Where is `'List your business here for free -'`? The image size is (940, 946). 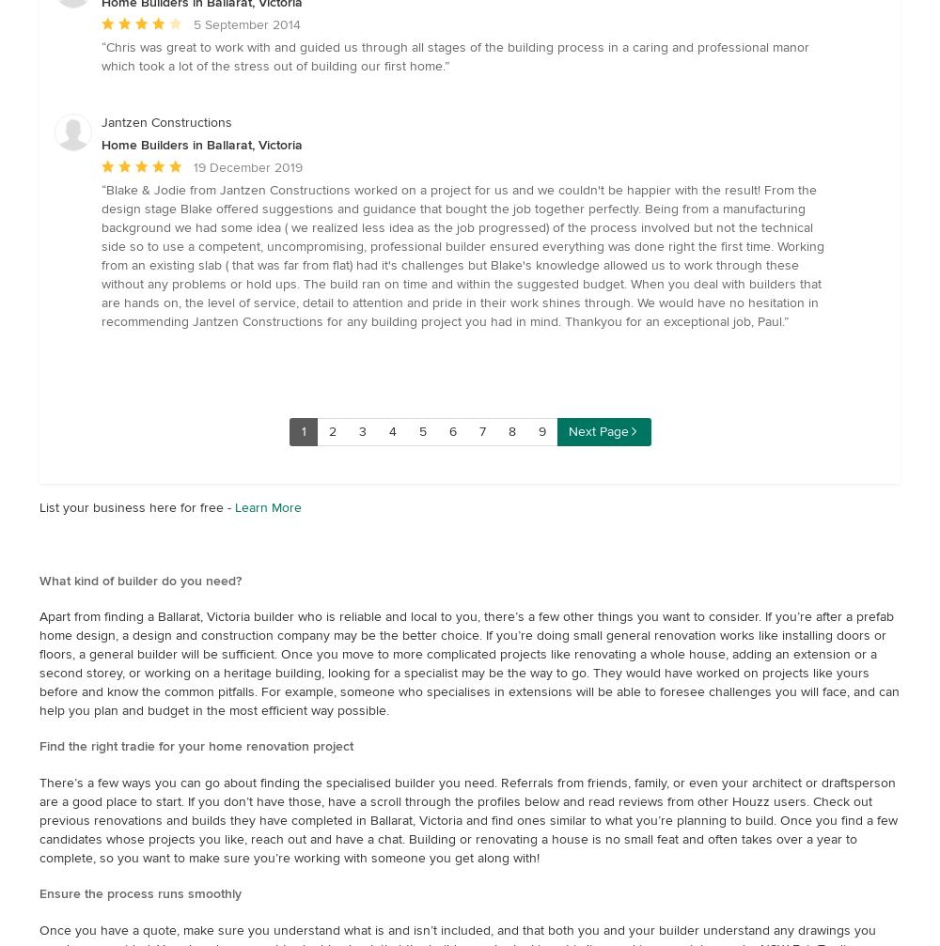
'List your business here for free -' is located at coordinates (39, 505).